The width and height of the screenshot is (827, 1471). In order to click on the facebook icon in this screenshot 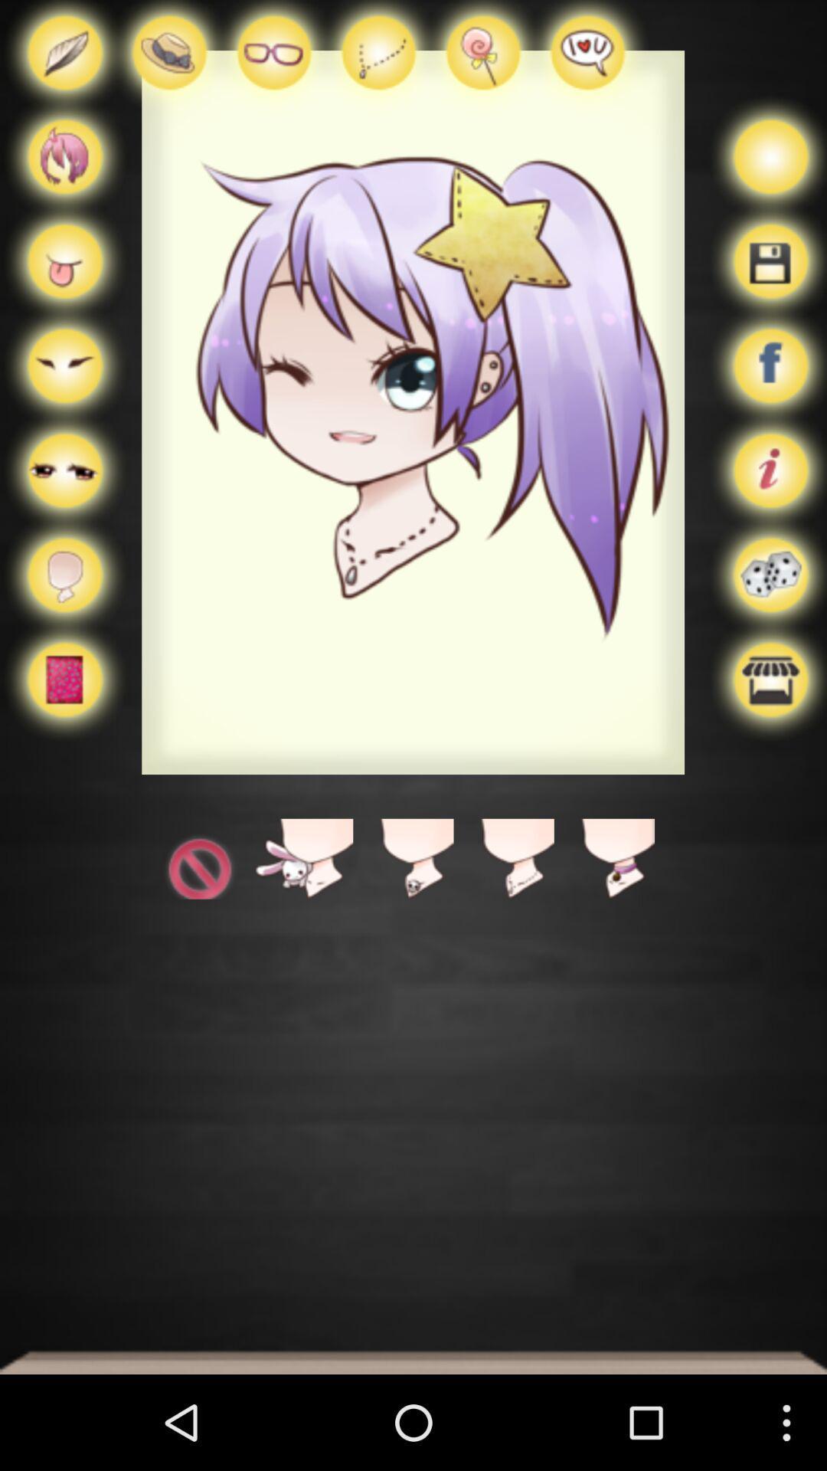, I will do `click(766, 392)`.